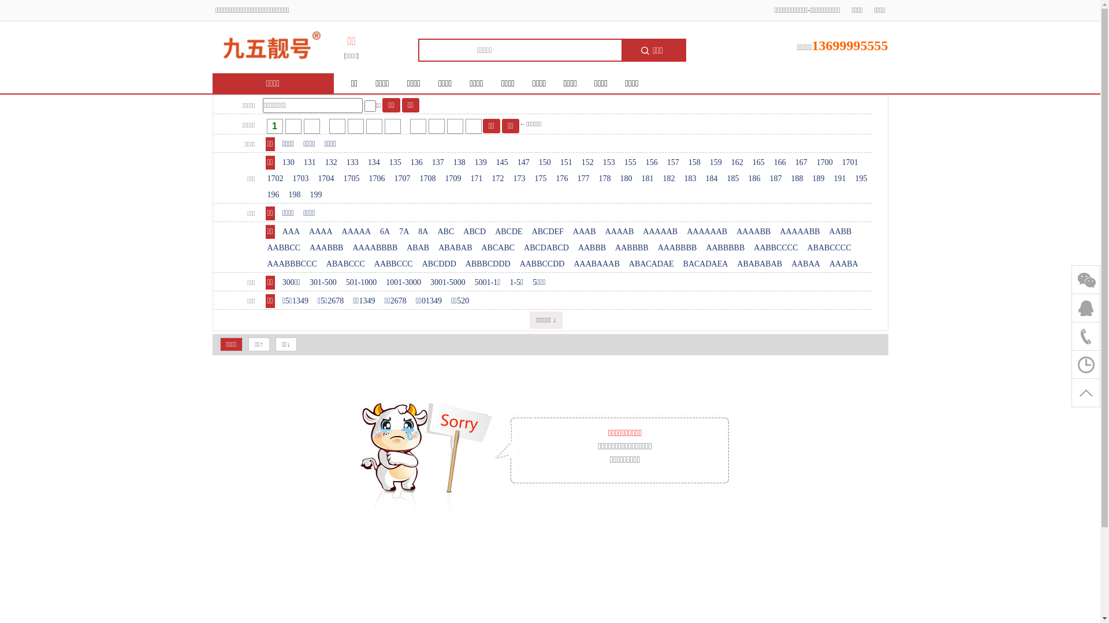  I want to click on '137', so click(437, 162).